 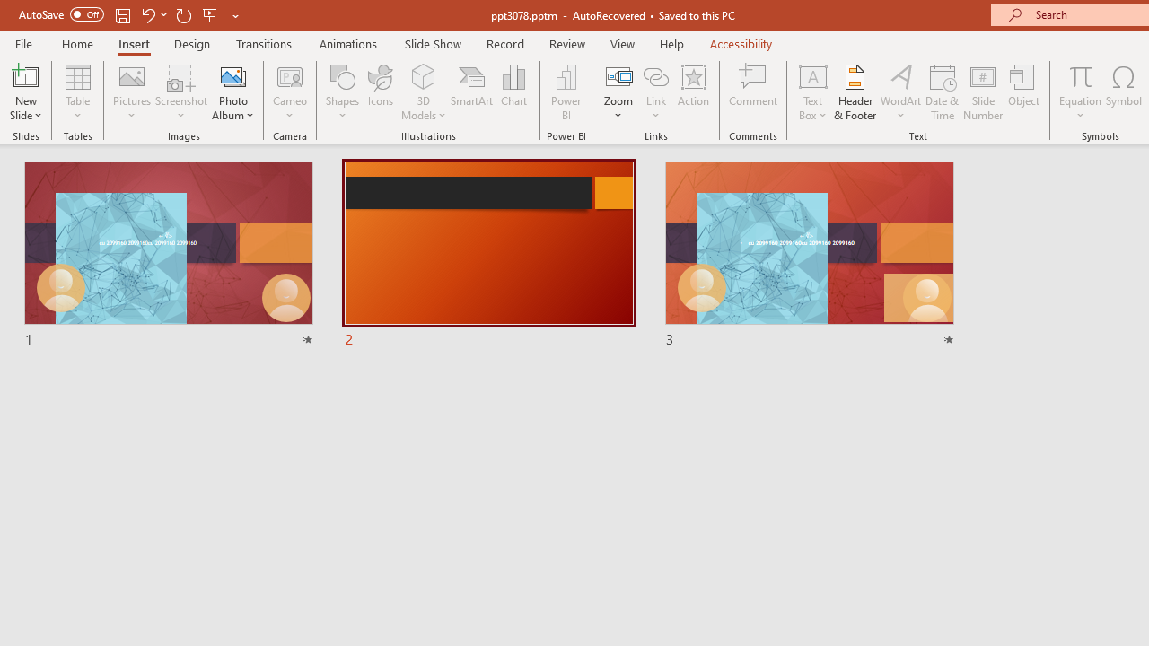 I want to click on 'Link', so click(x=655, y=75).